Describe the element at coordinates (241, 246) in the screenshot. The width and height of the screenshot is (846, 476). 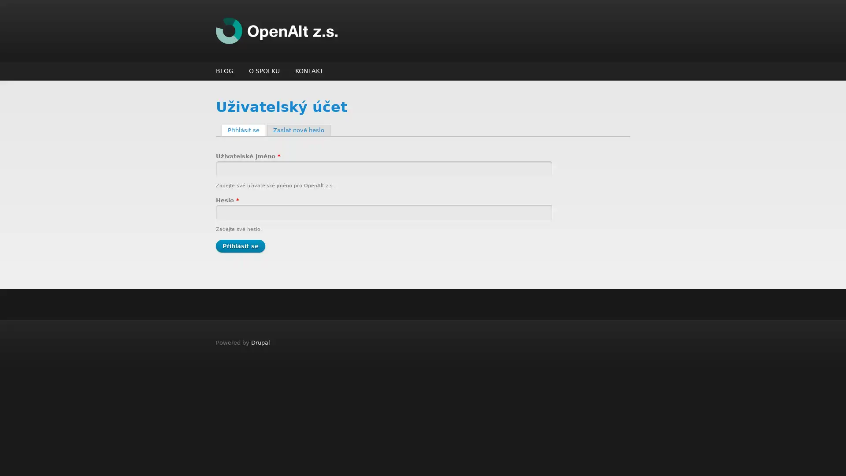
I see `Prihlasit se` at that location.